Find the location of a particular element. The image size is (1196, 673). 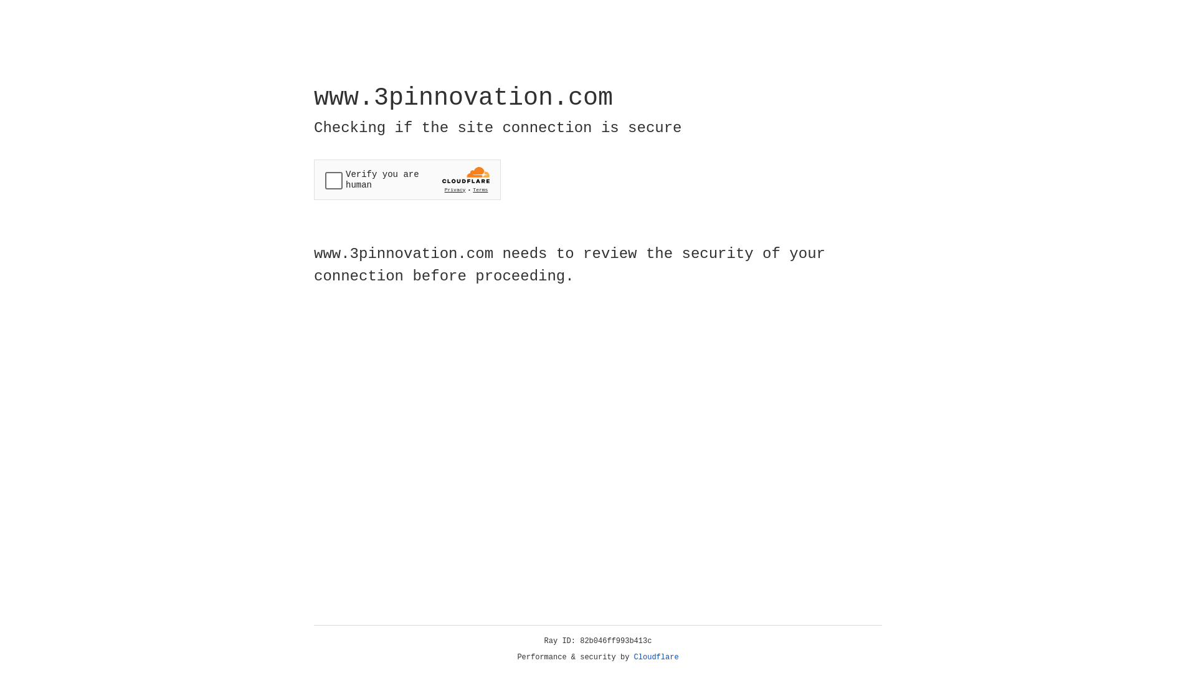

'Widget containing a Cloudflare security challenge' is located at coordinates (407, 179).